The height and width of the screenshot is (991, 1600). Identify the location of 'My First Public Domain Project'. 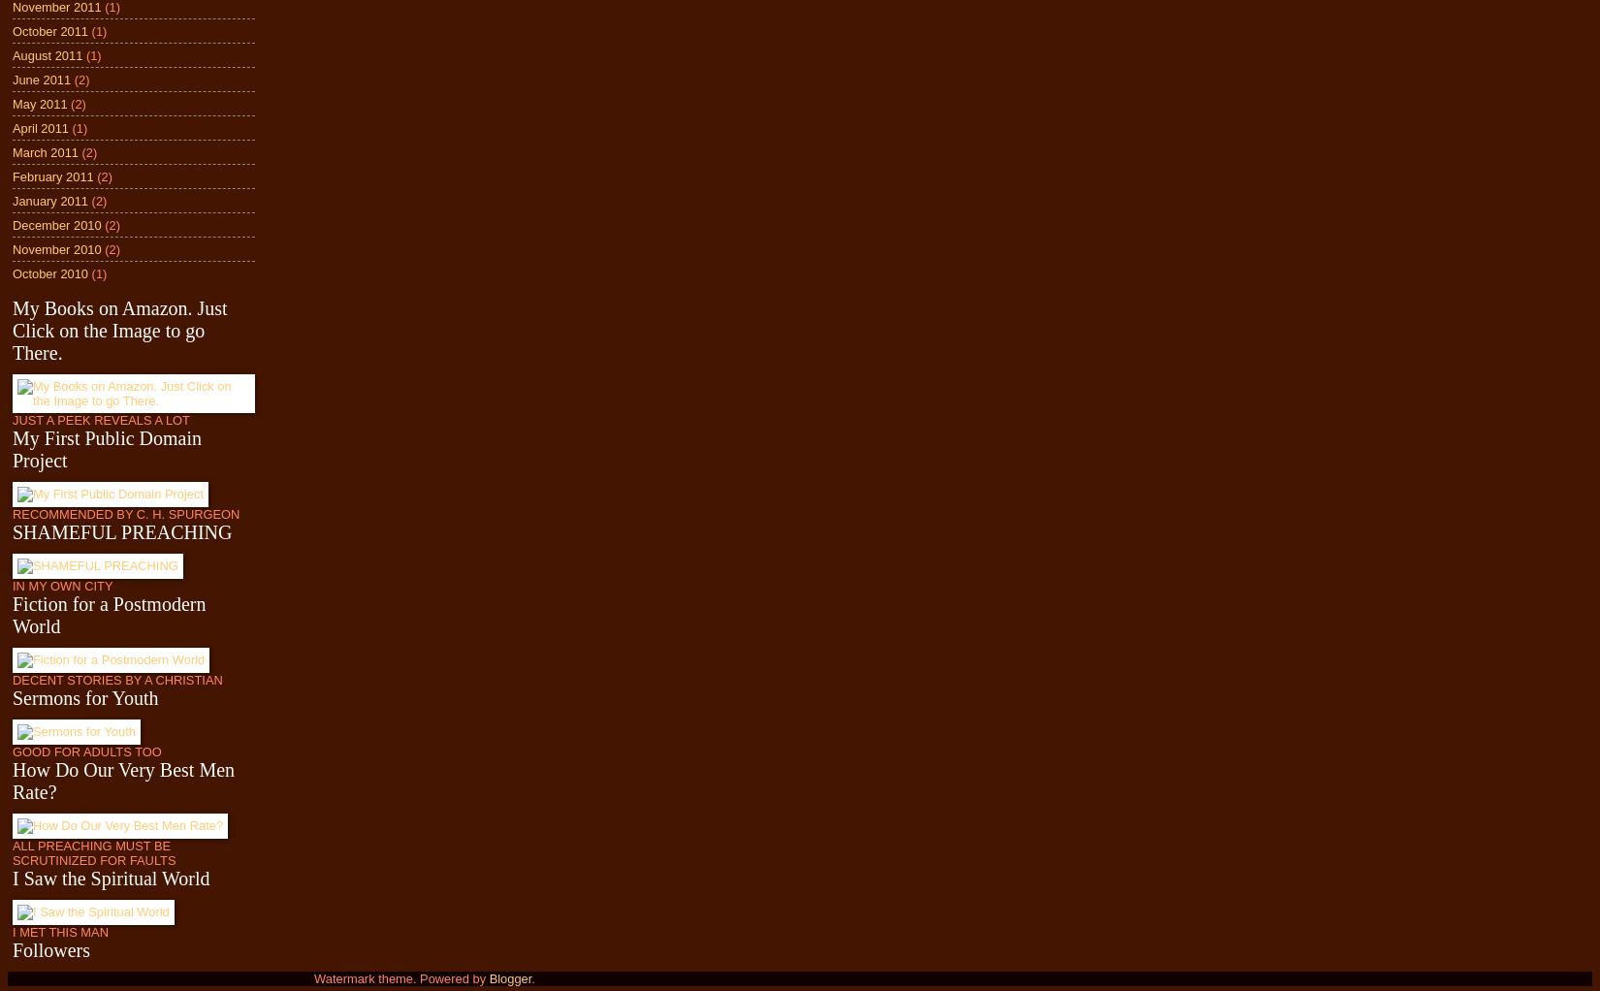
(13, 448).